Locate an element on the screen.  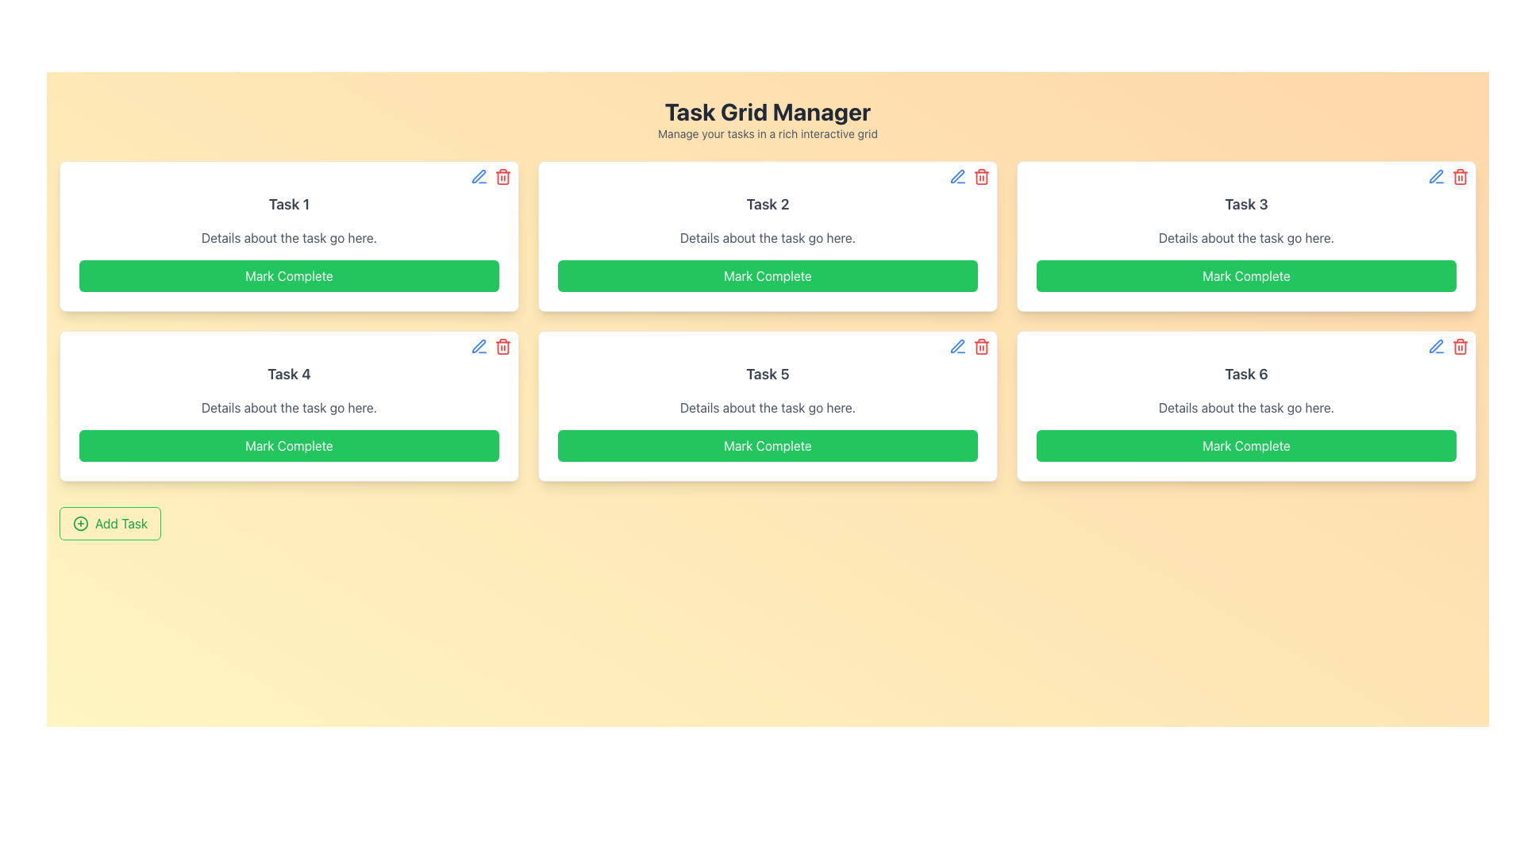
the red trash can icon located at the top-right corner of the third task card is located at coordinates (1460, 177).